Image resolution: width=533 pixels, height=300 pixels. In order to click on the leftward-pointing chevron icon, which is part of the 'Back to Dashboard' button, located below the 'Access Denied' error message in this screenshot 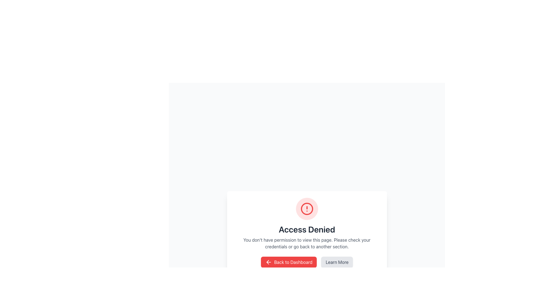, I will do `click(268, 262)`.